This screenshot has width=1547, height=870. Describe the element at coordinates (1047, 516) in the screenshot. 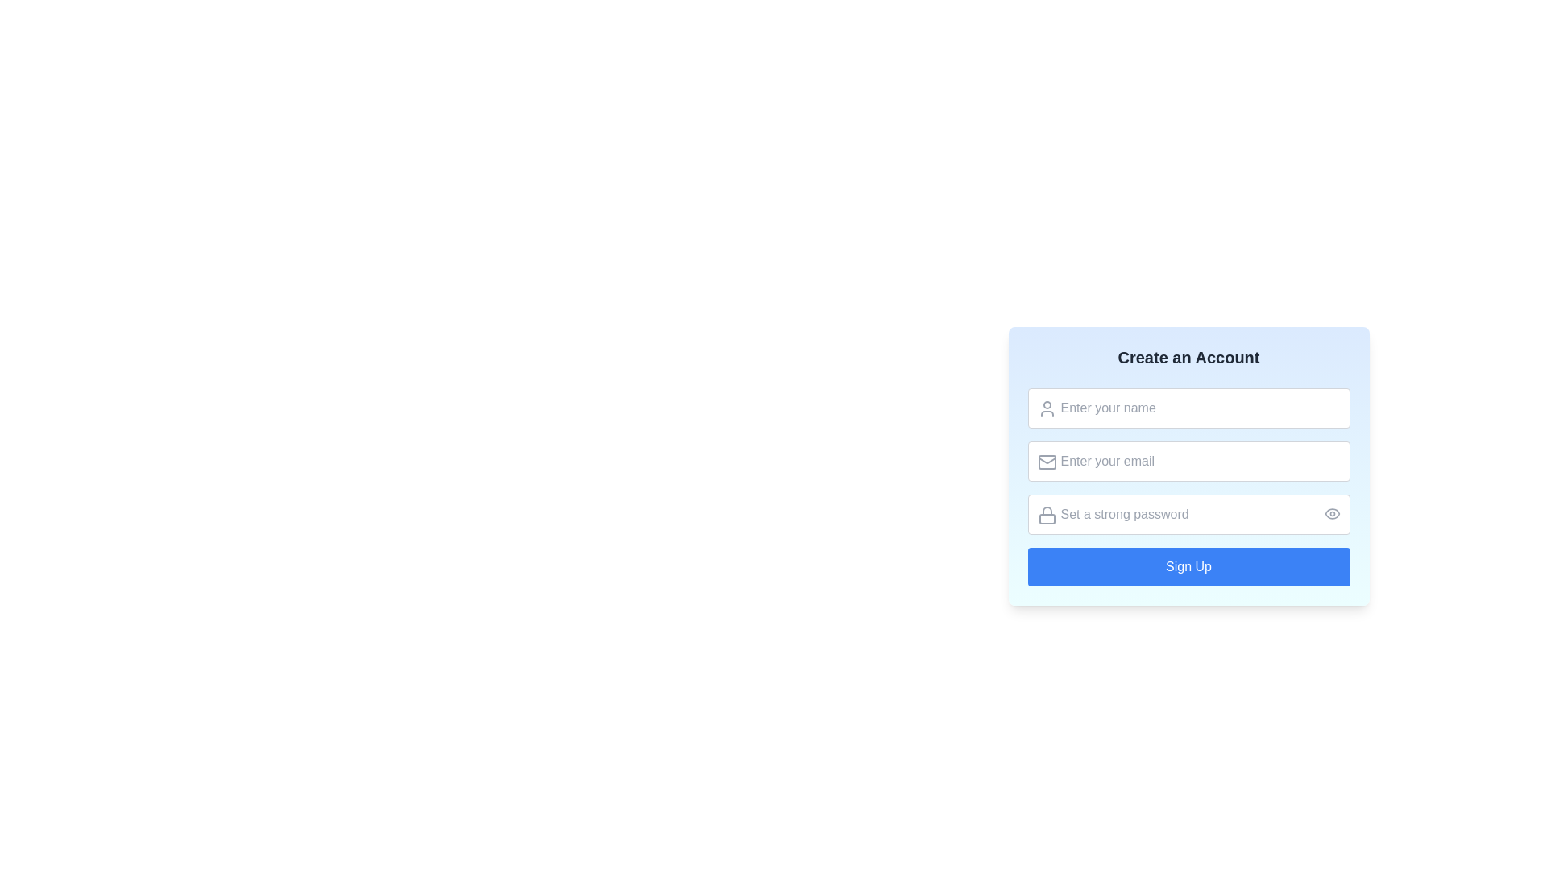

I see `the security icon located to the left of the password input field` at that location.